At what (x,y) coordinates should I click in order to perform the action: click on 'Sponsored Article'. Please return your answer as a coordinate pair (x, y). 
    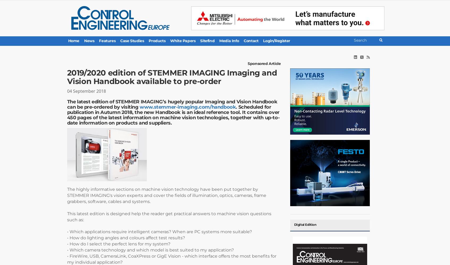
    Looking at the image, I should click on (247, 63).